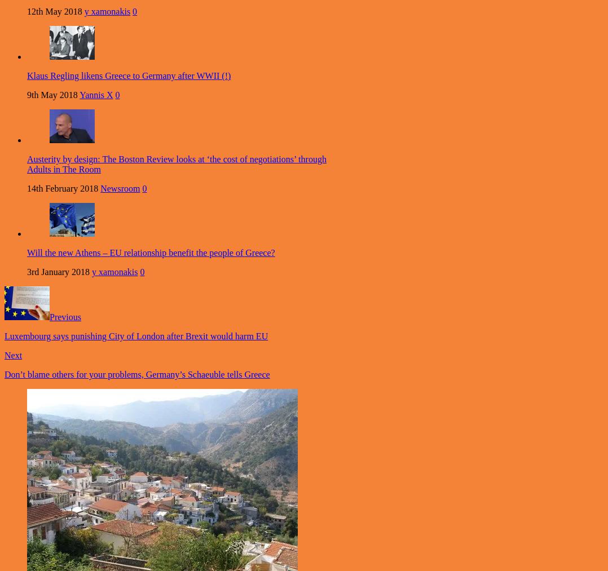 This screenshot has height=571, width=608. What do you see at coordinates (135, 336) in the screenshot?
I see `'Luxembourg says punishing City of London after Brexit would harm EU'` at bounding box center [135, 336].